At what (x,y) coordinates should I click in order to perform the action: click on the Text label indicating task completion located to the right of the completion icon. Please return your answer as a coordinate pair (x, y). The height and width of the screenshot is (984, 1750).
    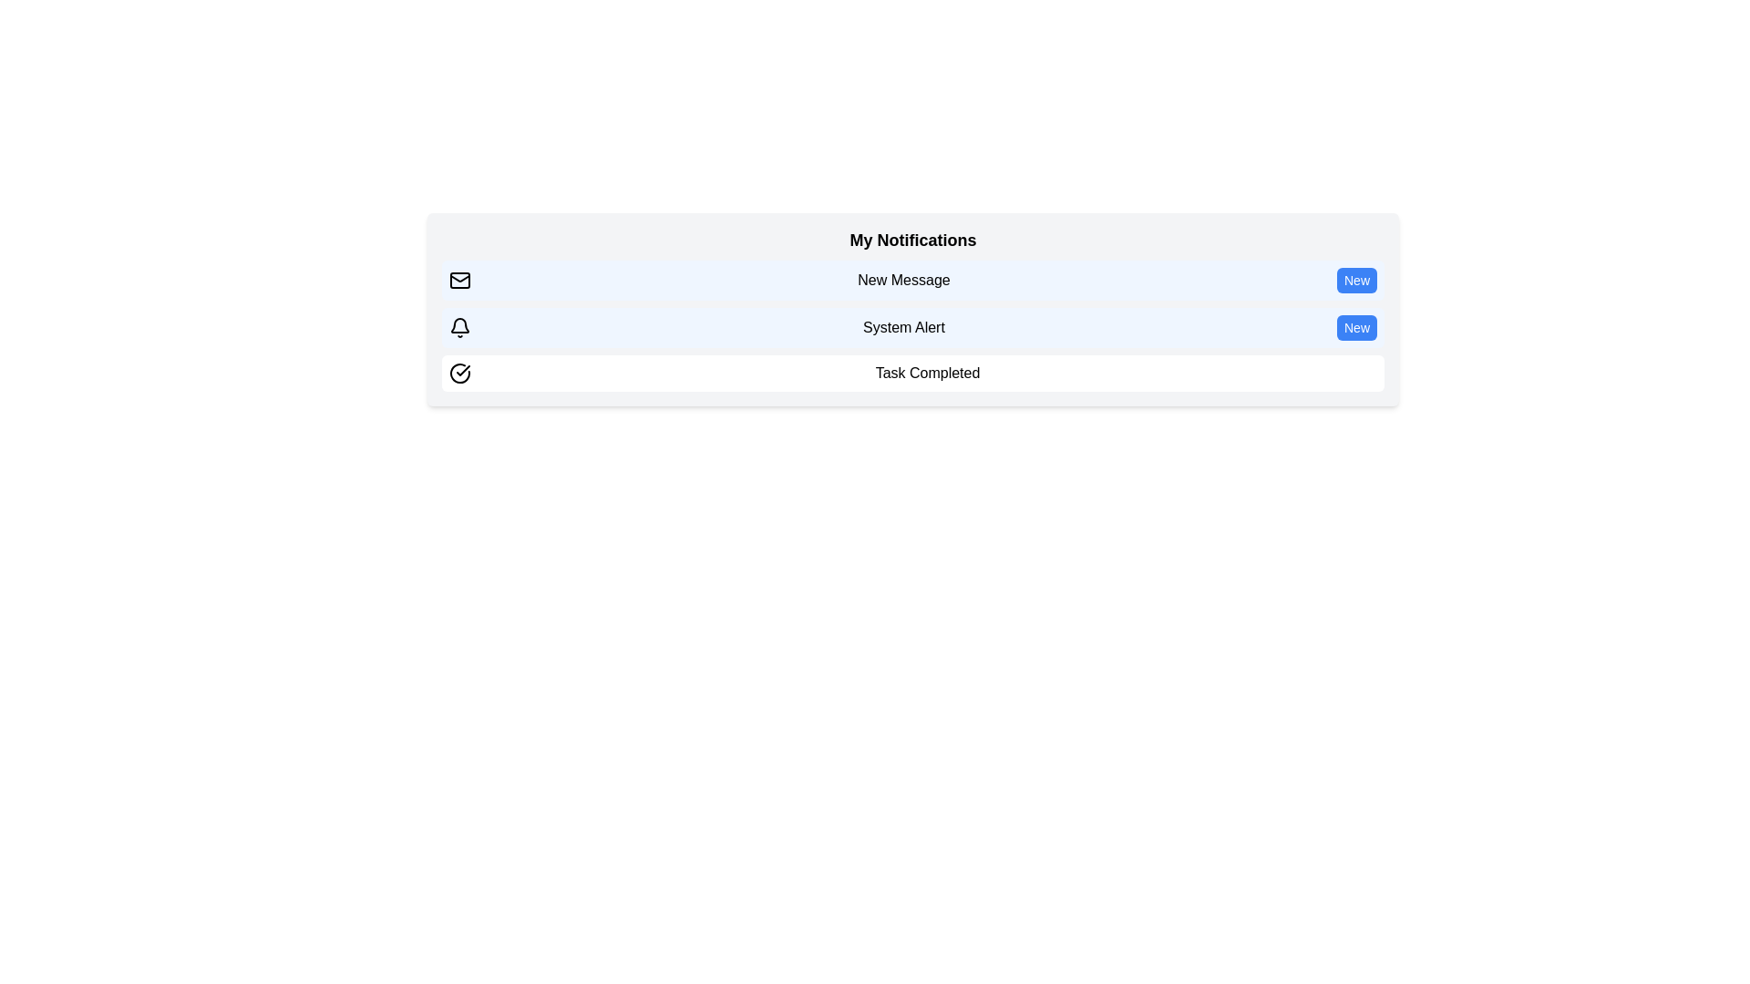
    Looking at the image, I should click on (927, 372).